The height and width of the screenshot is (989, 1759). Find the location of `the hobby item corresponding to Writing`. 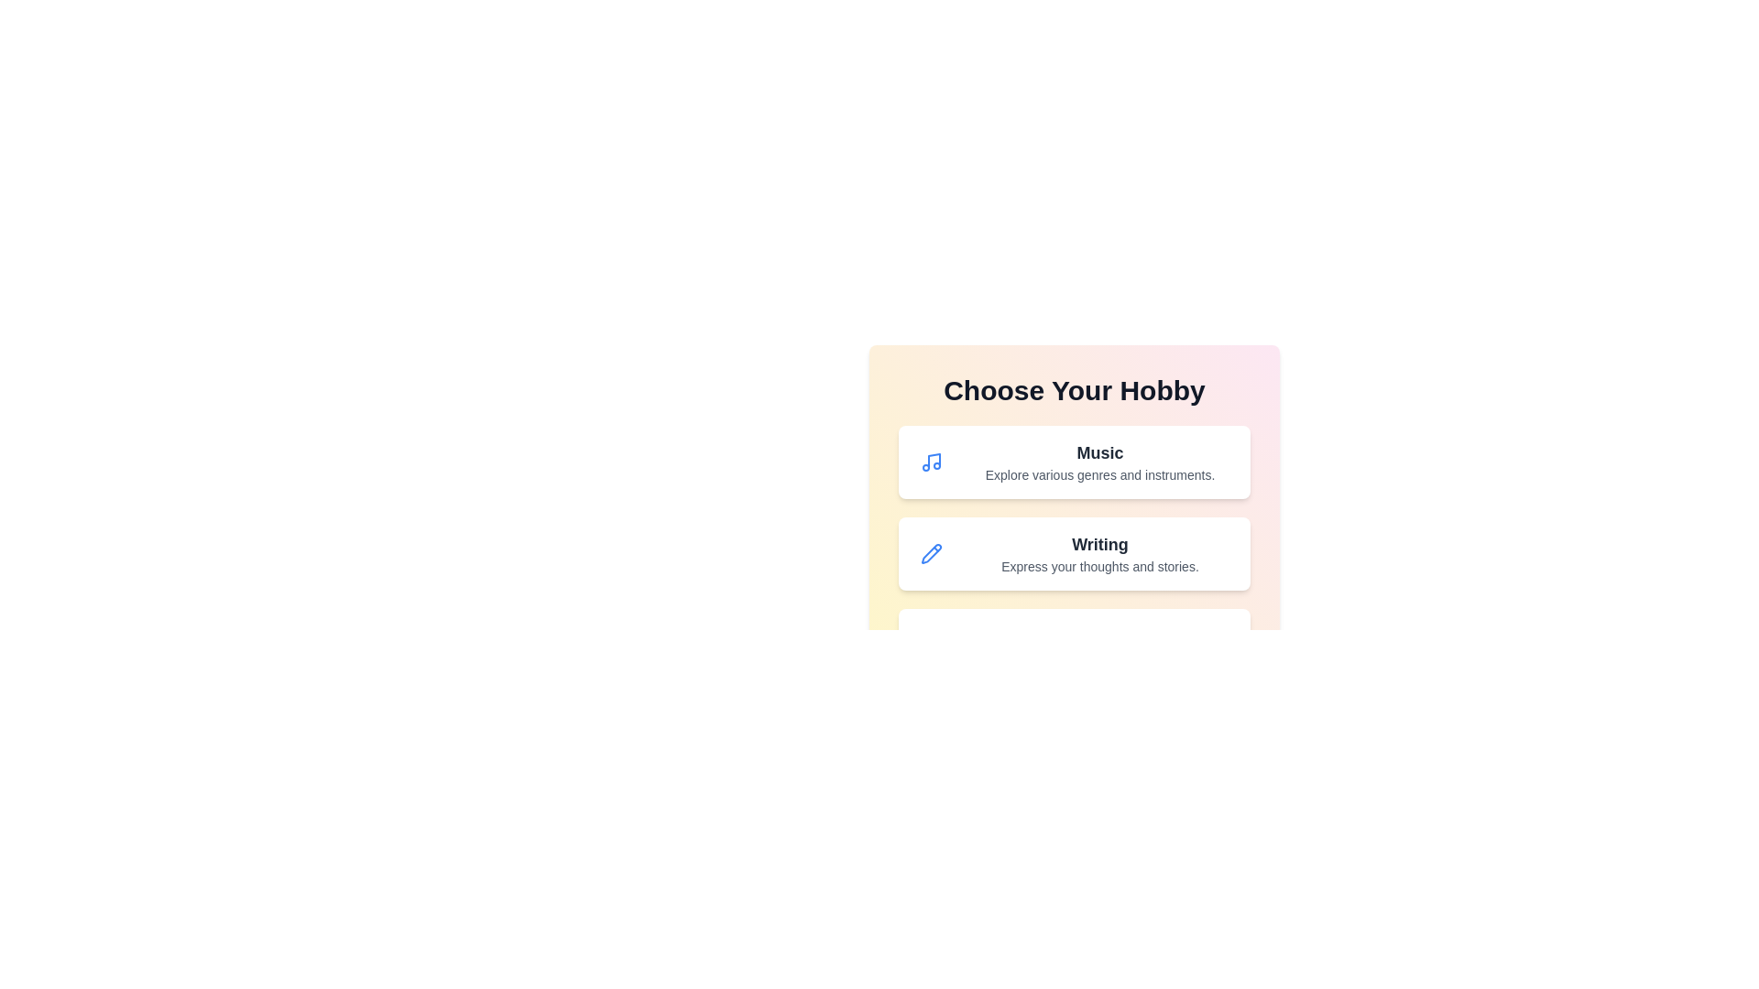

the hobby item corresponding to Writing is located at coordinates (1074, 553).